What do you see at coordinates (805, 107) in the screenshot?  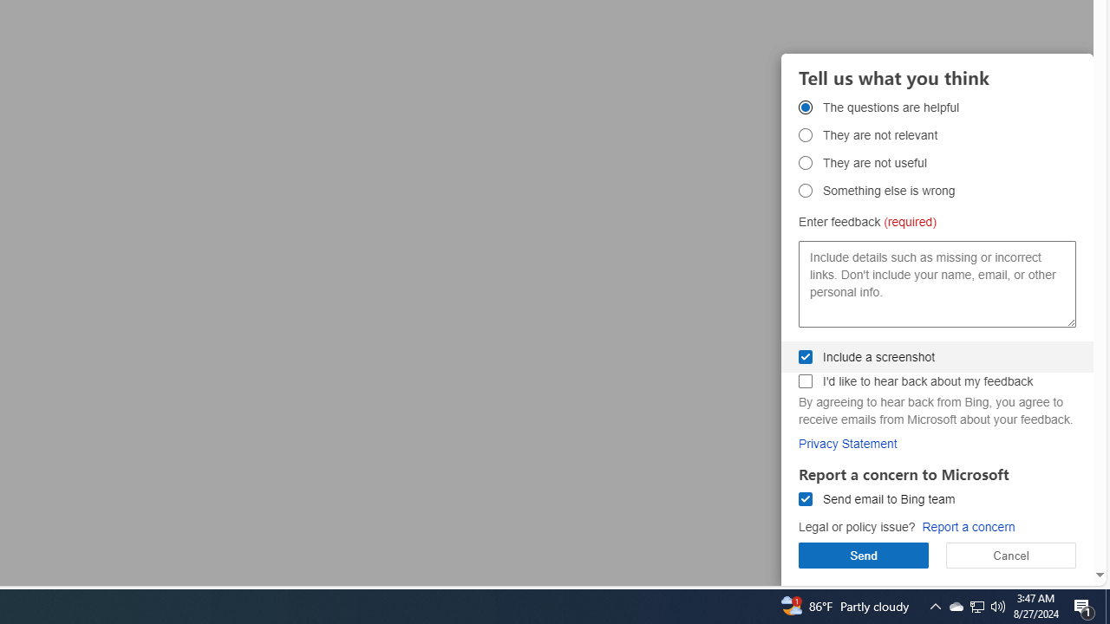 I see `'The questions are helpful The questions are helpful'` at bounding box center [805, 107].